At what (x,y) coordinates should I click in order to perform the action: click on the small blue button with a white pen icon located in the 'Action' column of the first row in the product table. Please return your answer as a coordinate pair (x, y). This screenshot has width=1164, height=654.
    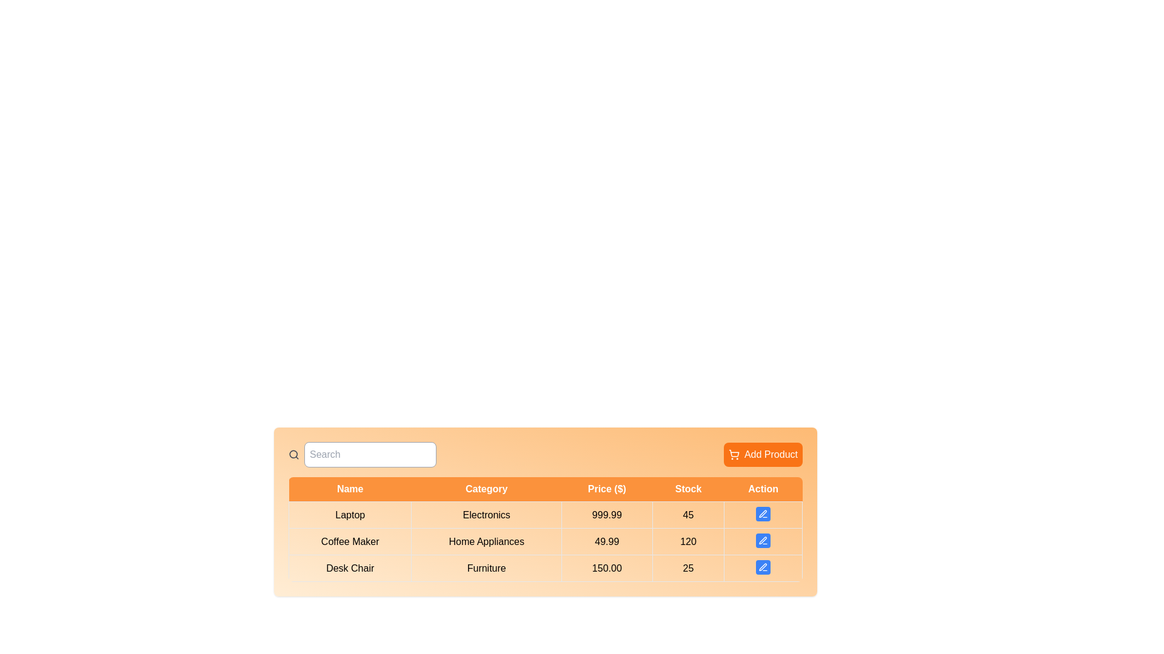
    Looking at the image, I should click on (763, 514).